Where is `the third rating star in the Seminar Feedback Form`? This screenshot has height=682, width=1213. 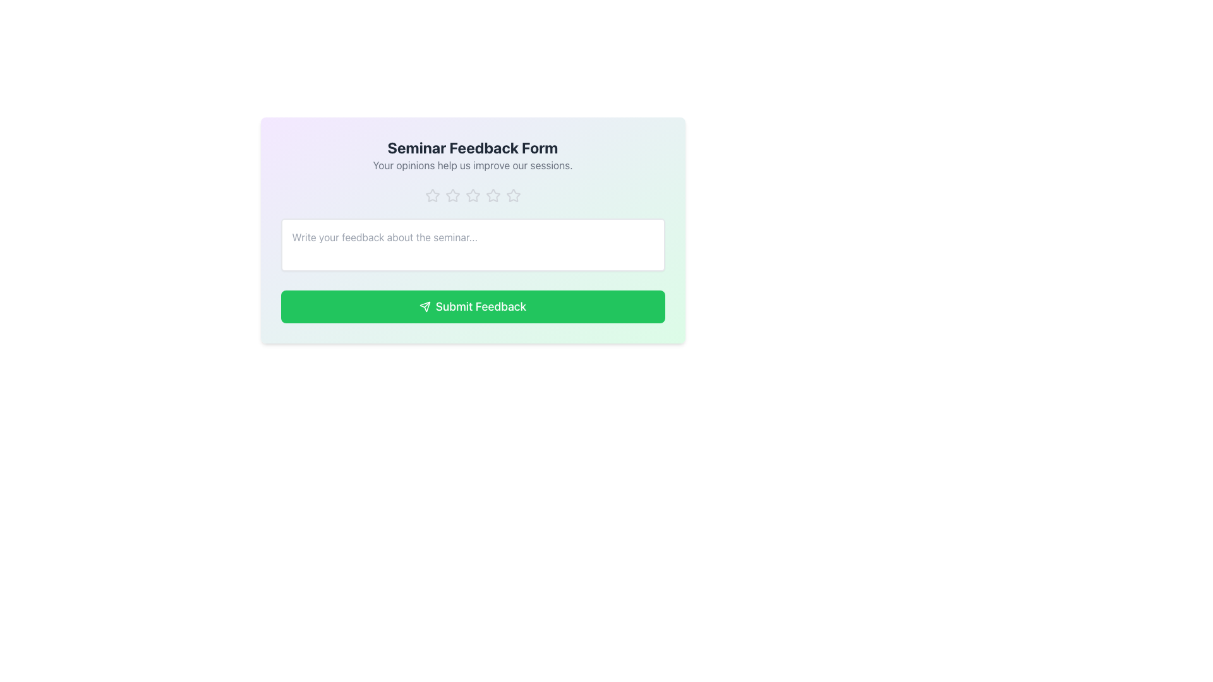 the third rating star in the Seminar Feedback Form is located at coordinates (472, 195).